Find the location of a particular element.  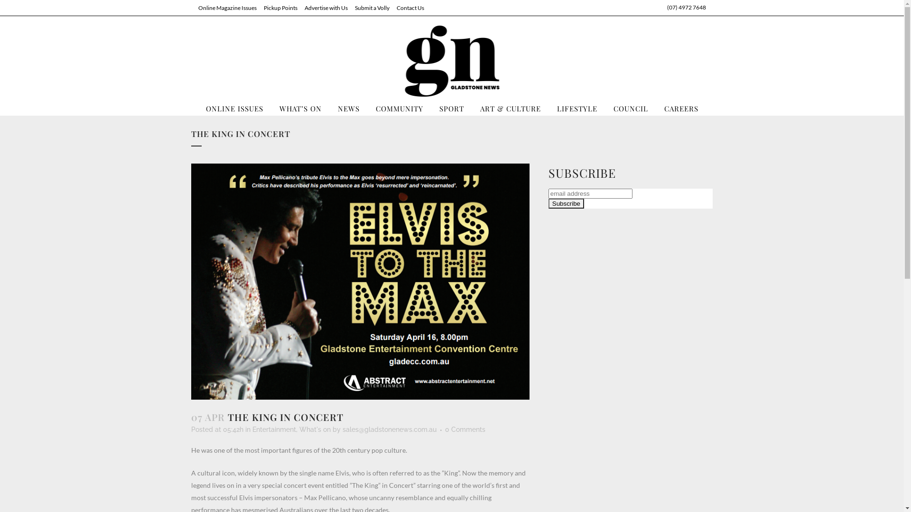

'Pickup Points' is located at coordinates (256, 8).